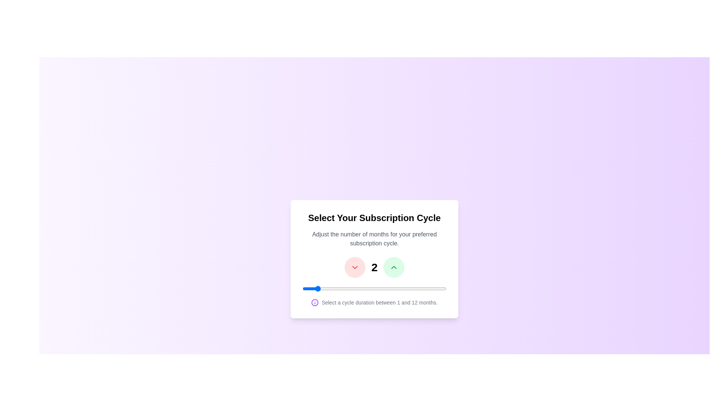 This screenshot has height=404, width=719. Describe the element at coordinates (407, 288) in the screenshot. I see `the subscription duration` at that location.